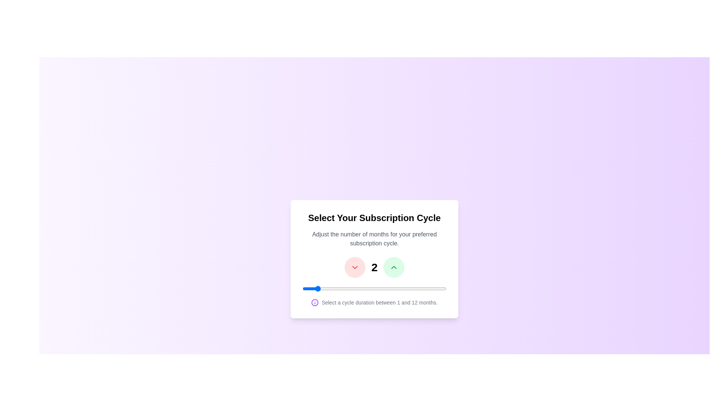 This screenshot has height=404, width=719. Describe the element at coordinates (407, 288) in the screenshot. I see `the subscription duration` at that location.